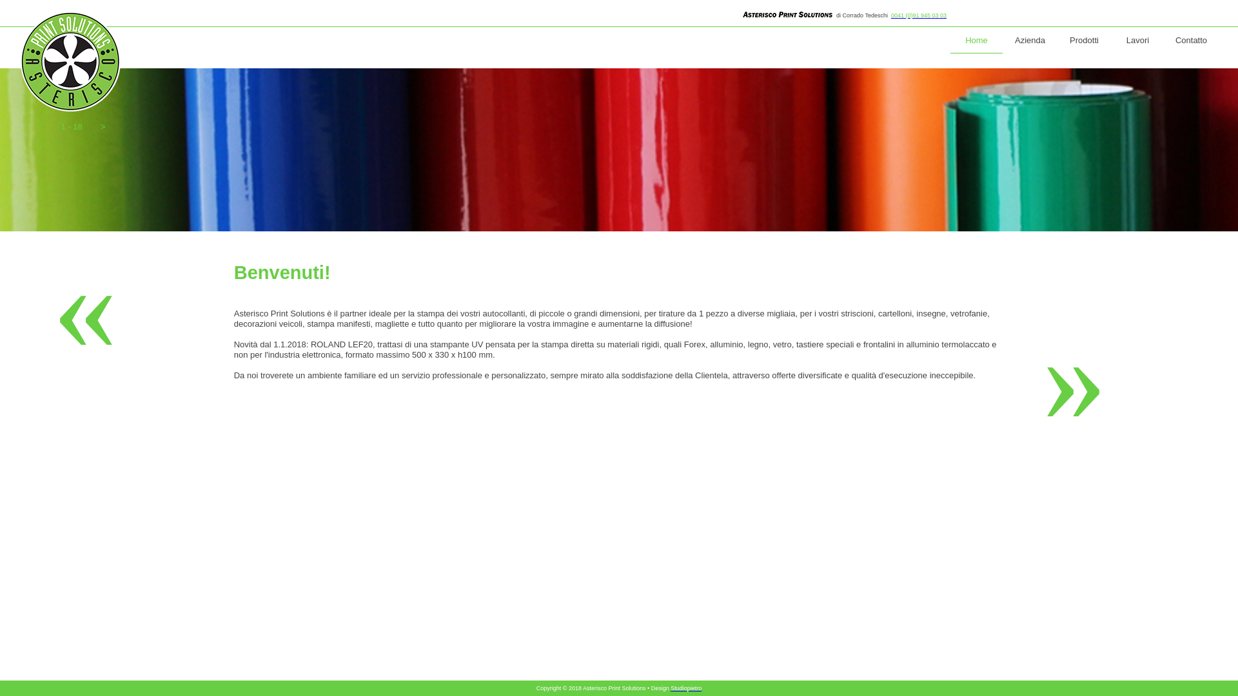 The image size is (1238, 696). I want to click on 'Lavori', so click(1137, 40).